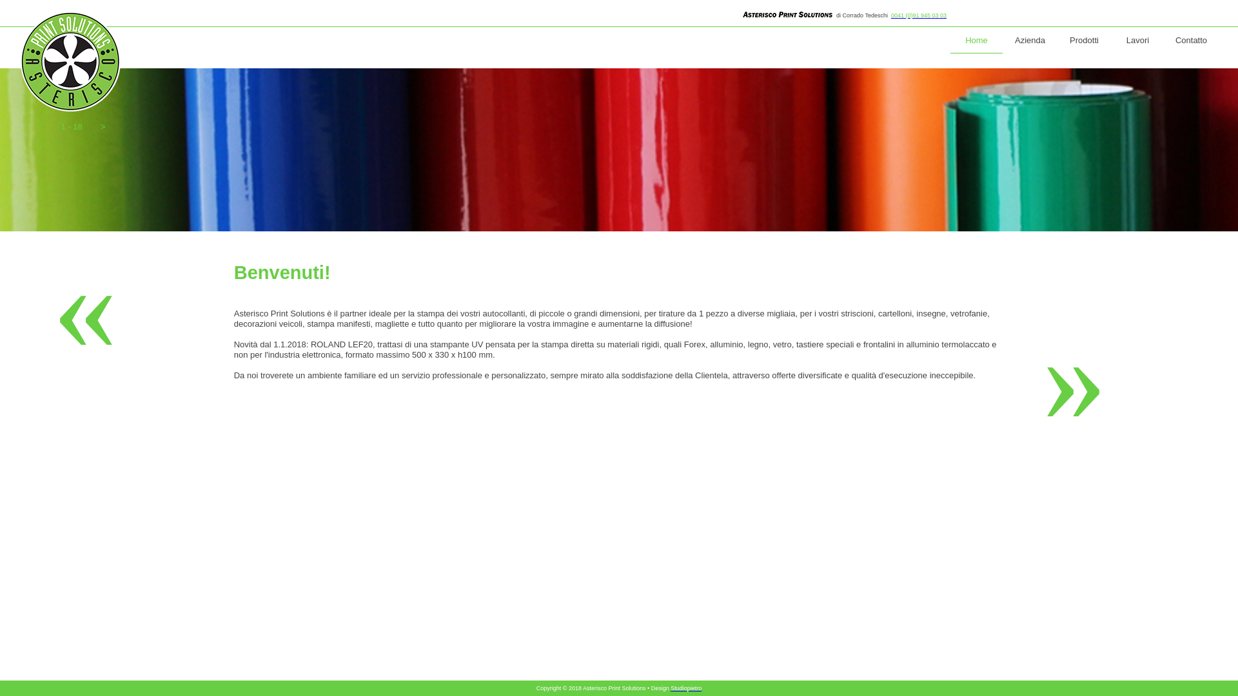 The image size is (1238, 696). I want to click on 'Lavori', so click(1137, 40).